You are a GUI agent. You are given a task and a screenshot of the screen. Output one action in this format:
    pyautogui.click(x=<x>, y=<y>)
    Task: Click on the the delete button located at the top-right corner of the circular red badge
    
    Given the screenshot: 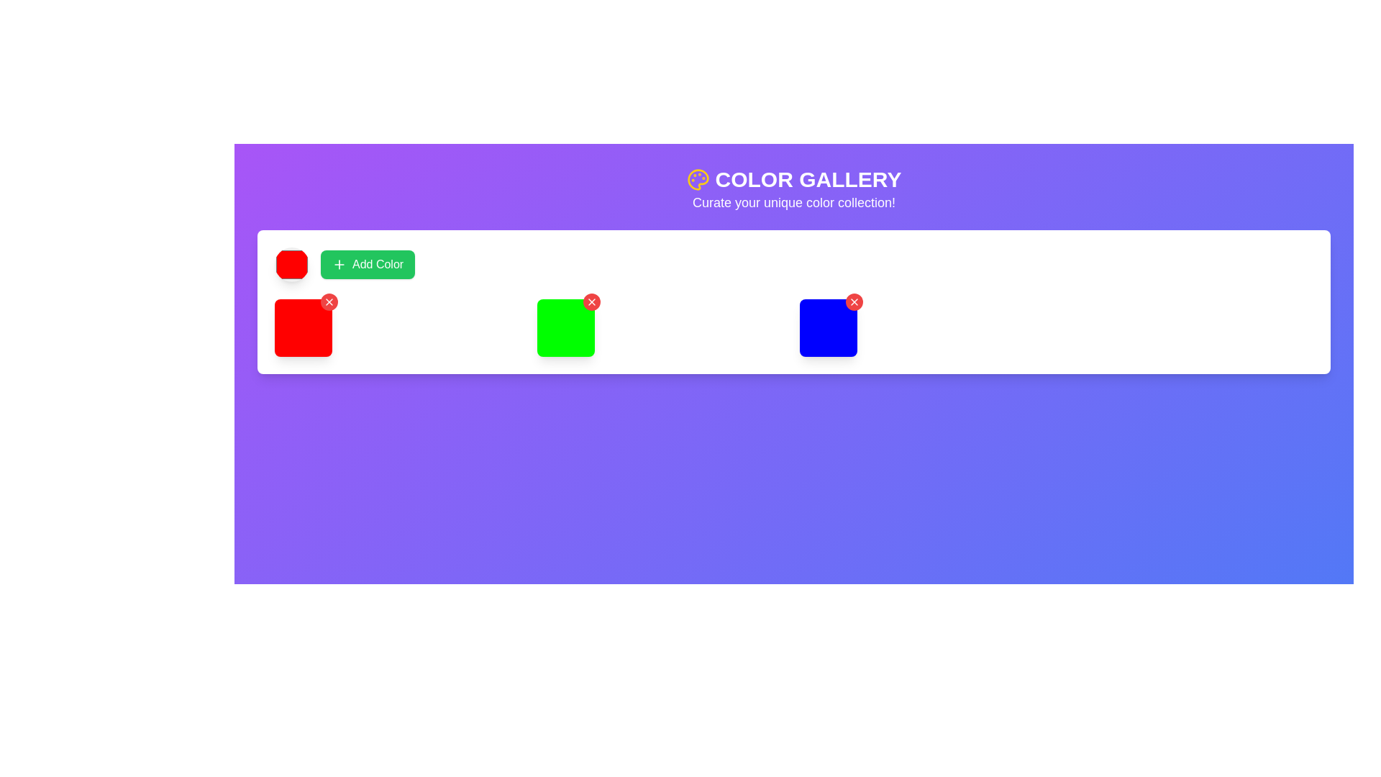 What is the action you would take?
    pyautogui.click(x=328, y=301)
    